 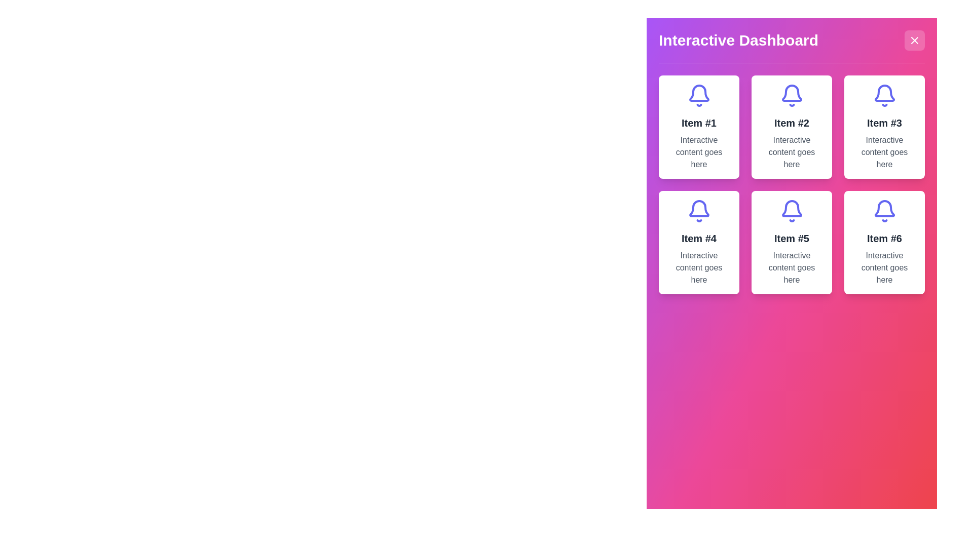 What do you see at coordinates (698, 242) in the screenshot?
I see `the fourth card in the grid layout that represents 'Item #4' in the dashboard` at bounding box center [698, 242].